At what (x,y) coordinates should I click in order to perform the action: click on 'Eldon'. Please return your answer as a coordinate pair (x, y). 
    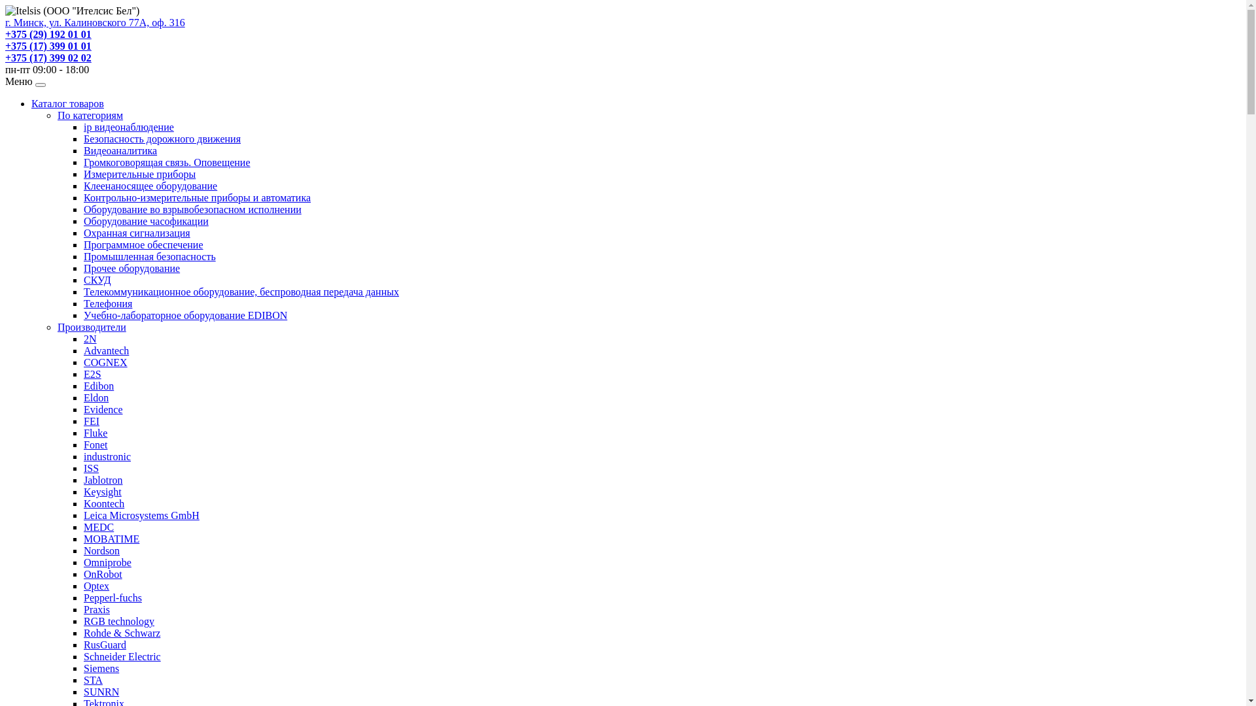
    Looking at the image, I should click on (96, 397).